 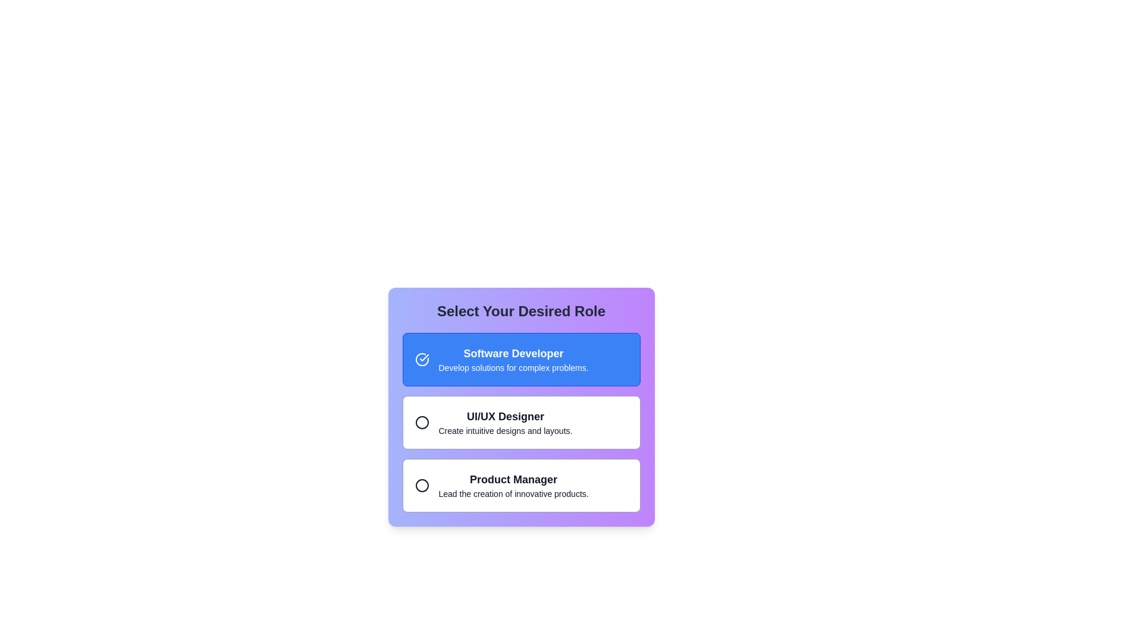 What do you see at coordinates (513, 353) in the screenshot?
I see `the 'Software Developer' text label element, which is displayed in bold white font on a blue rectangular background` at bounding box center [513, 353].